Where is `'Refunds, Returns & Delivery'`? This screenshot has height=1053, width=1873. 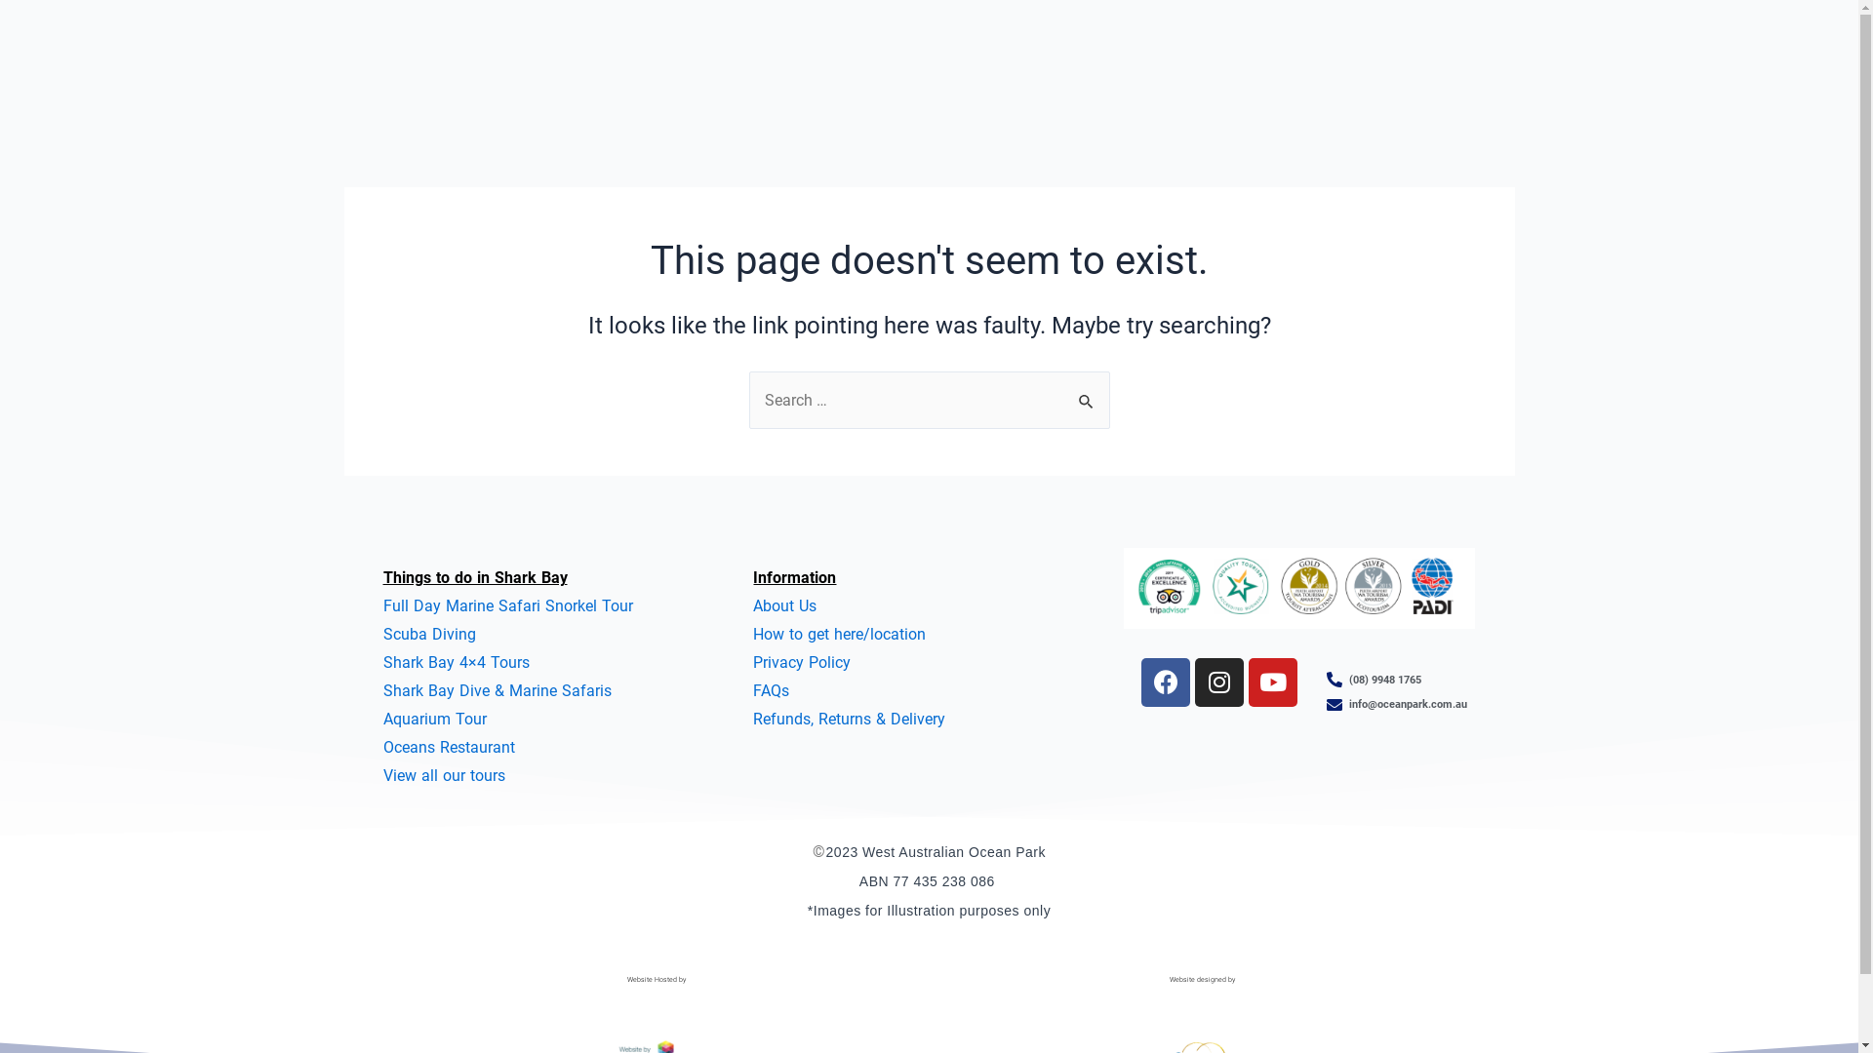
'Refunds, Returns & Delivery' is located at coordinates (849, 719).